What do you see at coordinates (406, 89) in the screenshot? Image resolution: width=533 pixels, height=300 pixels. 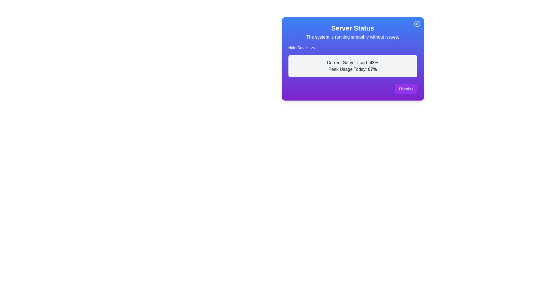 I see `the 'Dismiss' button to close the alert` at bounding box center [406, 89].